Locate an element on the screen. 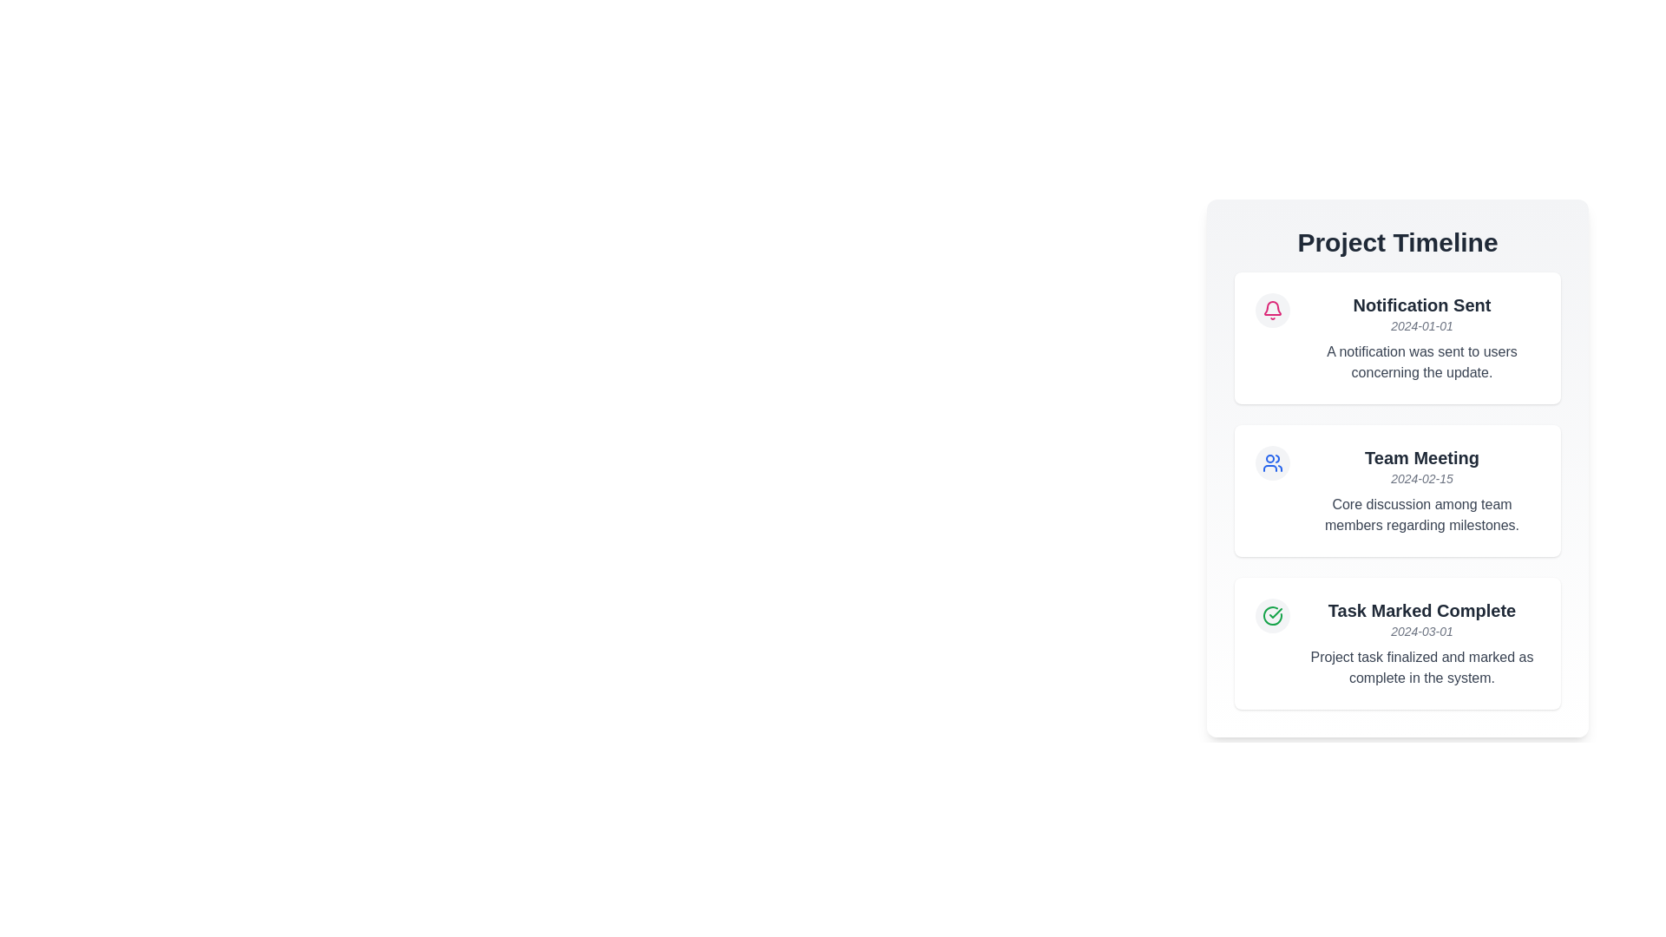 This screenshot has height=937, width=1666. the green checkmark icon that represents 'Task Marked Complete' in the timeline interface, which is positioned to the left of the section title is located at coordinates (1276, 612).